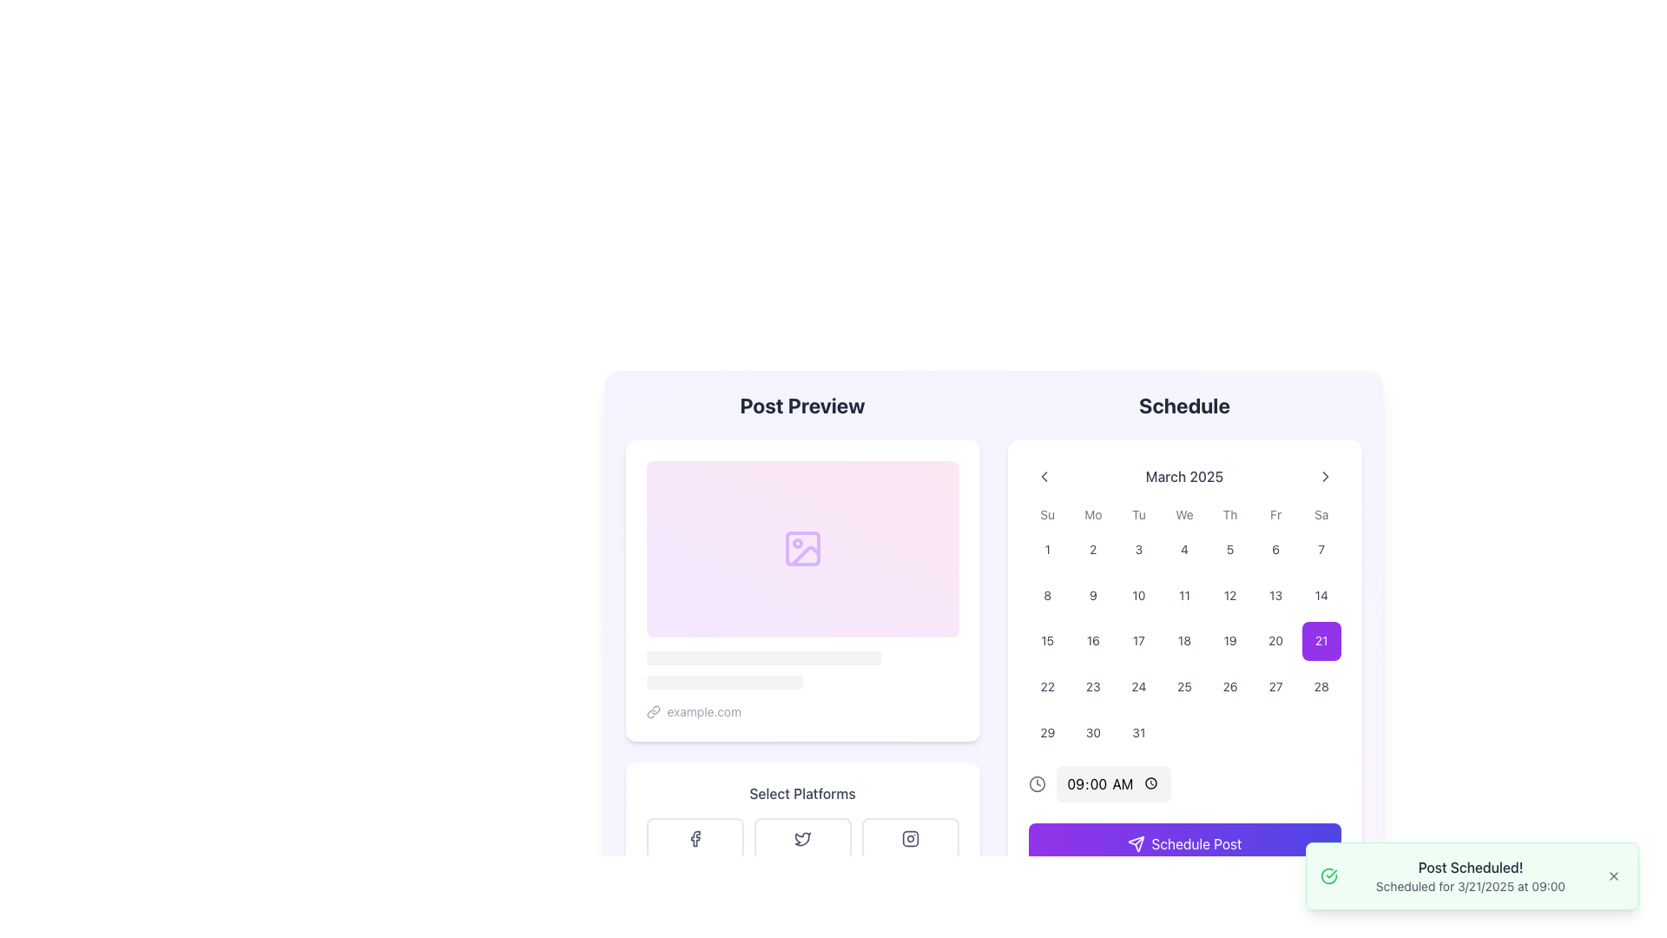 The image size is (1667, 938). What do you see at coordinates (1183, 550) in the screenshot?
I see `the square-shaped button with a rounded border and the number '4'` at bounding box center [1183, 550].